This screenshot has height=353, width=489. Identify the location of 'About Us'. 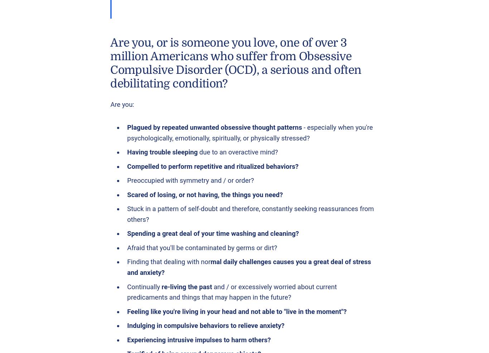
(180, 75).